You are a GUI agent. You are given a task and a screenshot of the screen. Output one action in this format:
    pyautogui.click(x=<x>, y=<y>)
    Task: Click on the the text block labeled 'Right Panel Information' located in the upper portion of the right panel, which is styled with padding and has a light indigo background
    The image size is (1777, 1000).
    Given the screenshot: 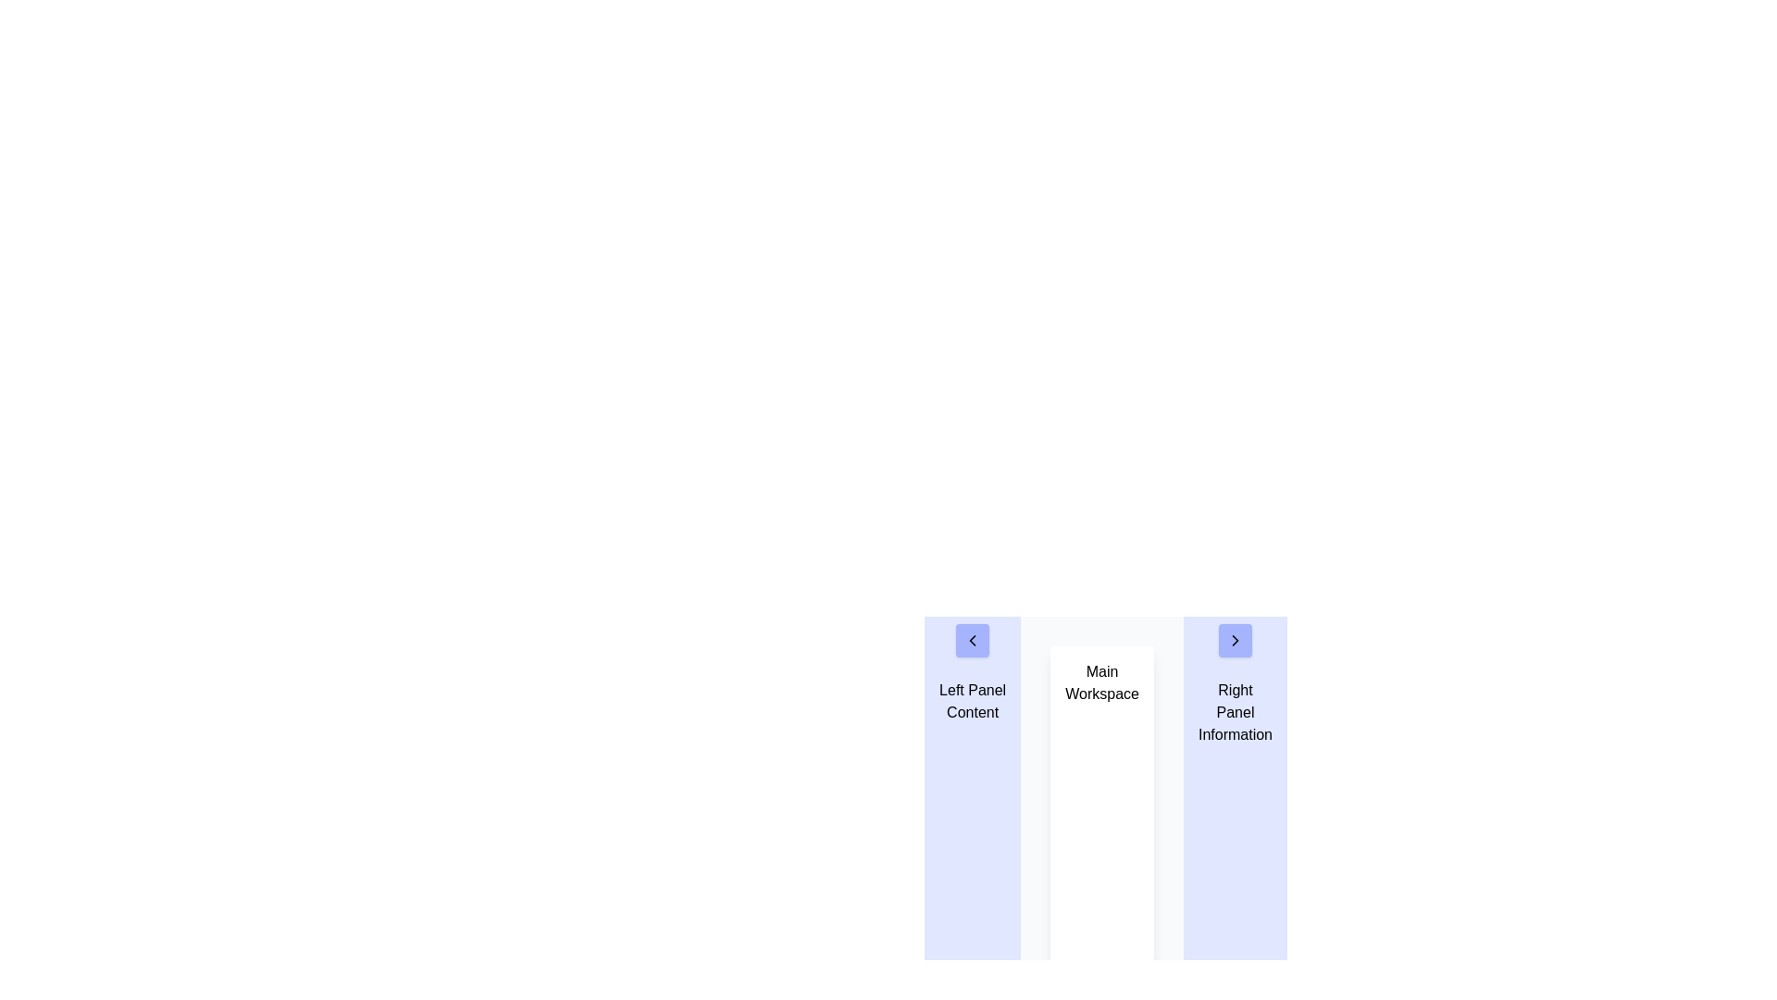 What is the action you would take?
    pyautogui.click(x=1235, y=712)
    